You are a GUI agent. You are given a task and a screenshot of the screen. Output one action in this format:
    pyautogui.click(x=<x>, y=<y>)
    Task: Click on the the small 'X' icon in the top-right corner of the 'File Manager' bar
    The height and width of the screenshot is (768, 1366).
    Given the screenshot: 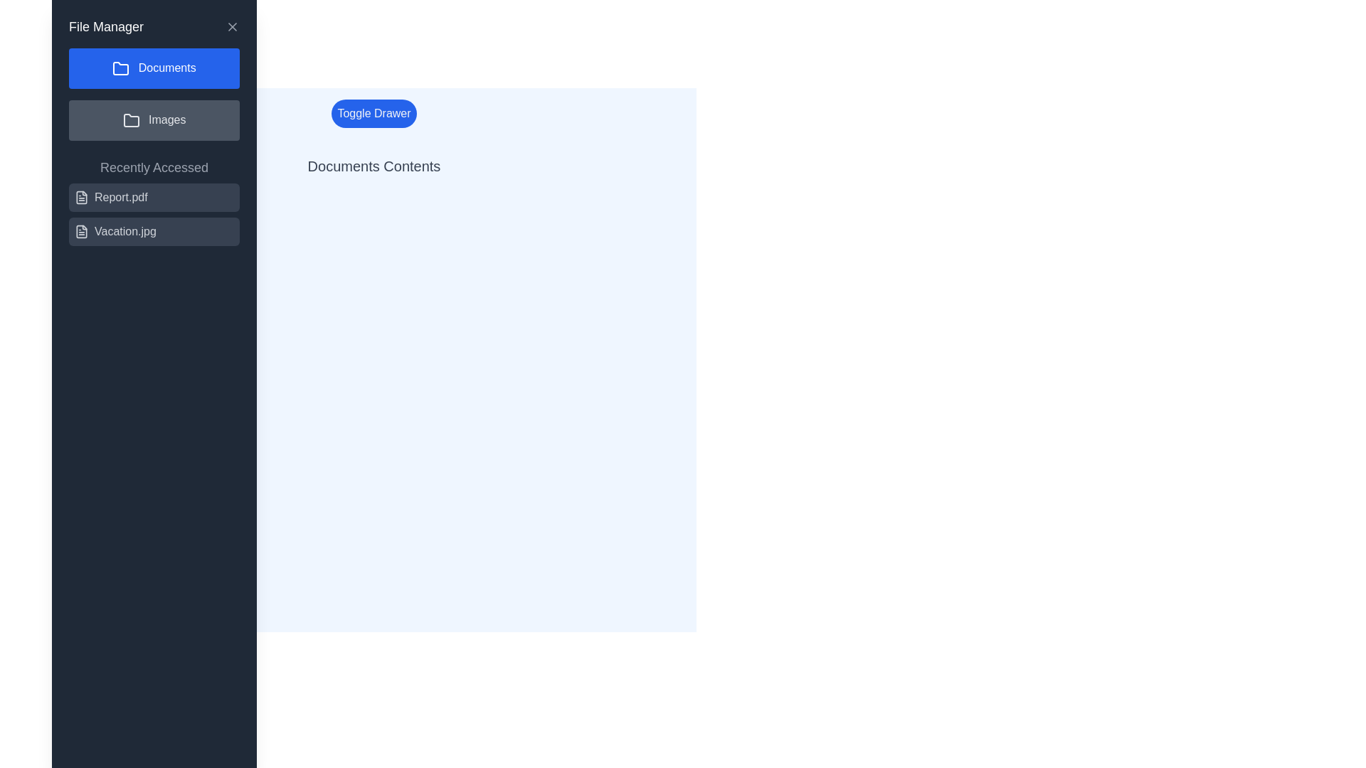 What is the action you would take?
    pyautogui.click(x=232, y=27)
    